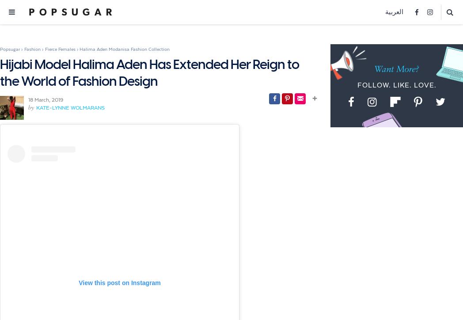  I want to click on 'Popsugar', so click(9, 49).